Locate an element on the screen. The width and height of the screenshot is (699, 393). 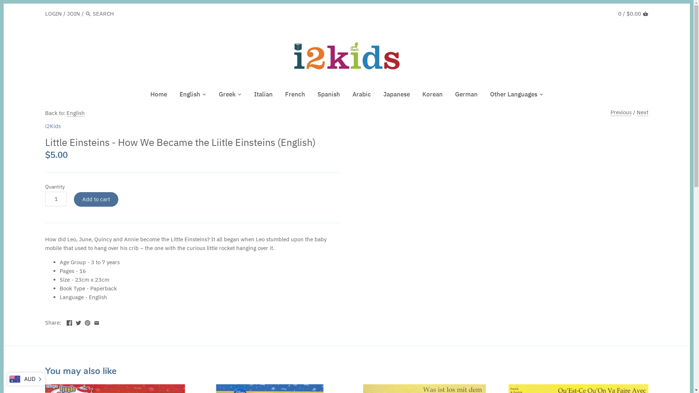
'Twitter' is located at coordinates (75, 321).